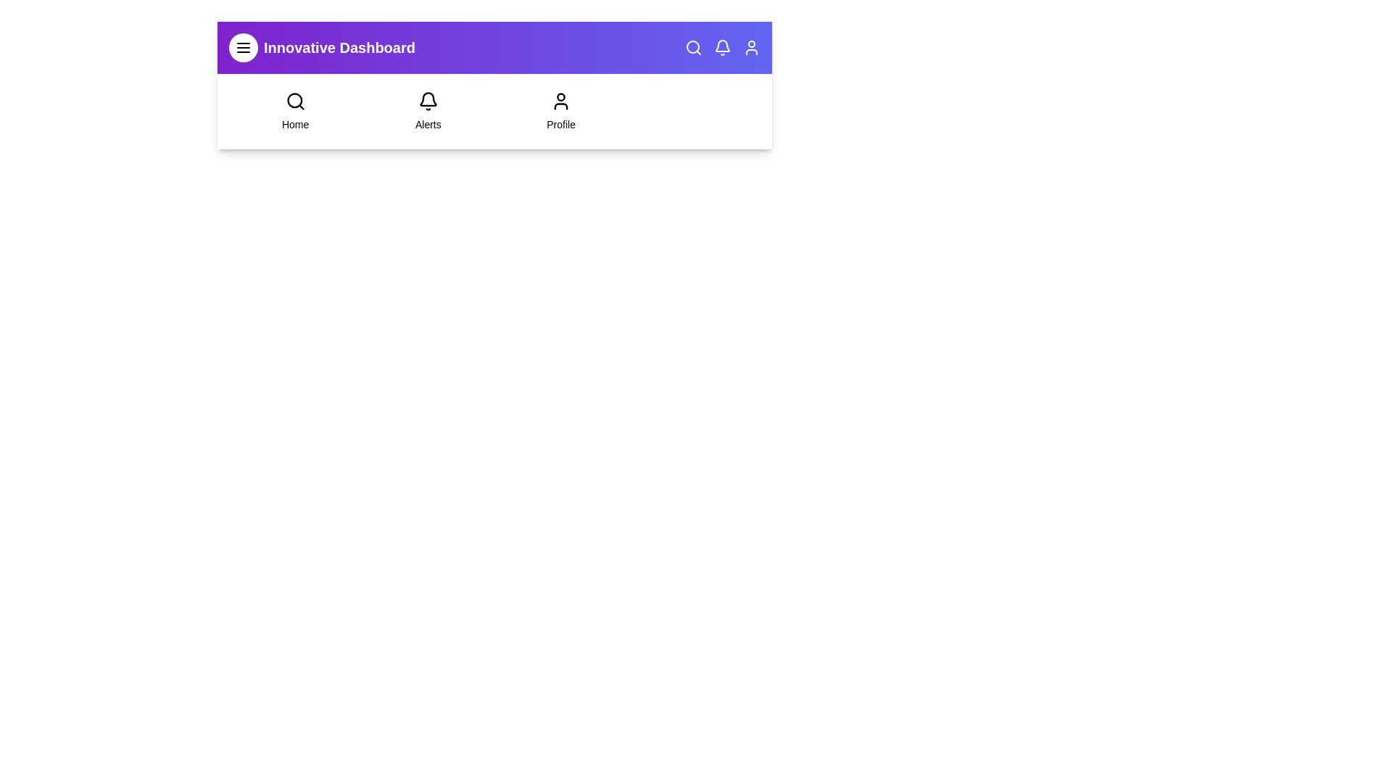 This screenshot has width=1392, height=783. Describe the element at coordinates (751, 46) in the screenshot. I see `the icon user to trigger its hover effect` at that location.